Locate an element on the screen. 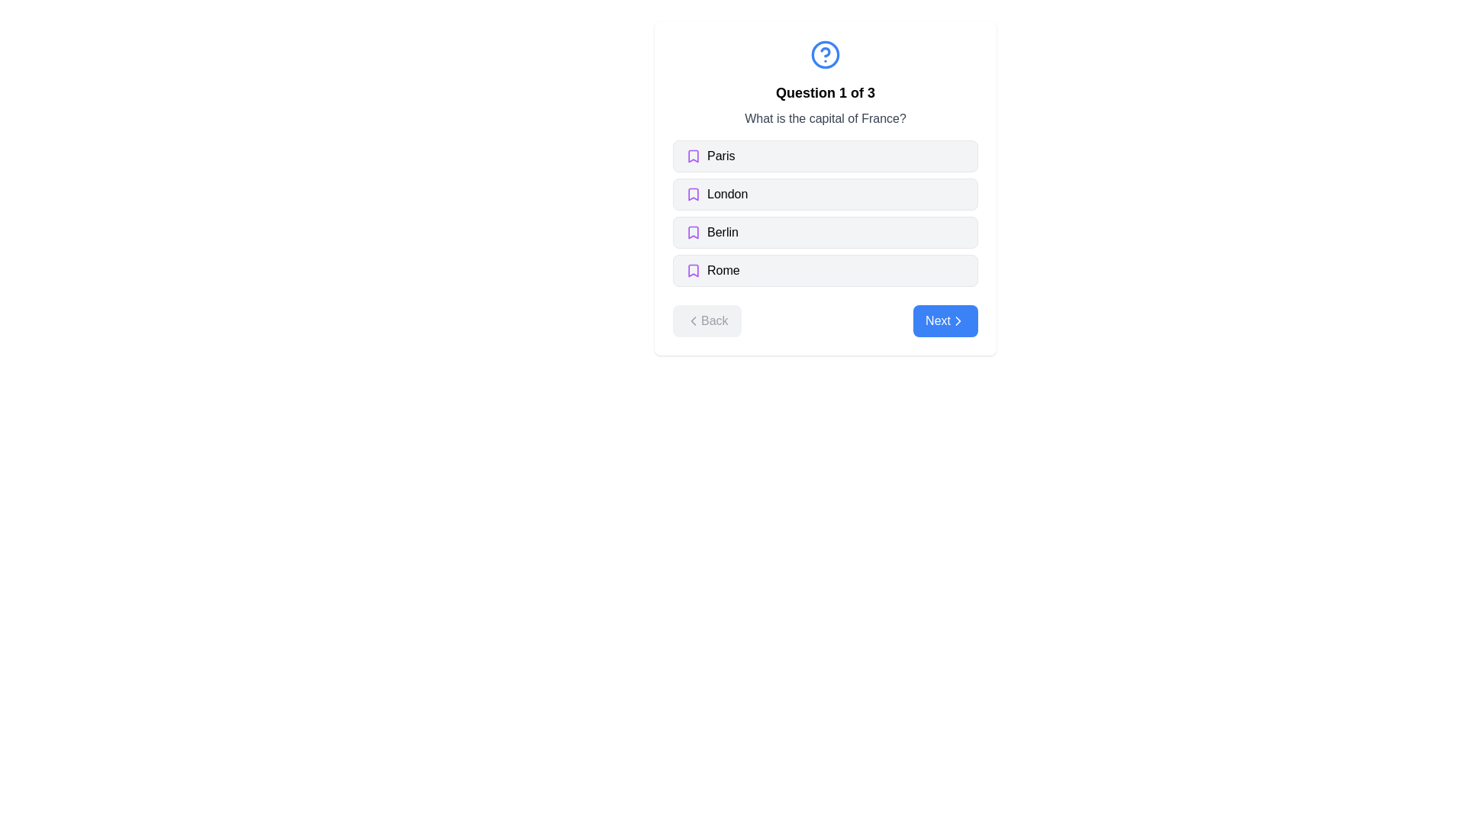  the button labeled 'Berlin' which has a light gray background and a purple bookmark icon, enabling keyboard selection is located at coordinates (824, 232).